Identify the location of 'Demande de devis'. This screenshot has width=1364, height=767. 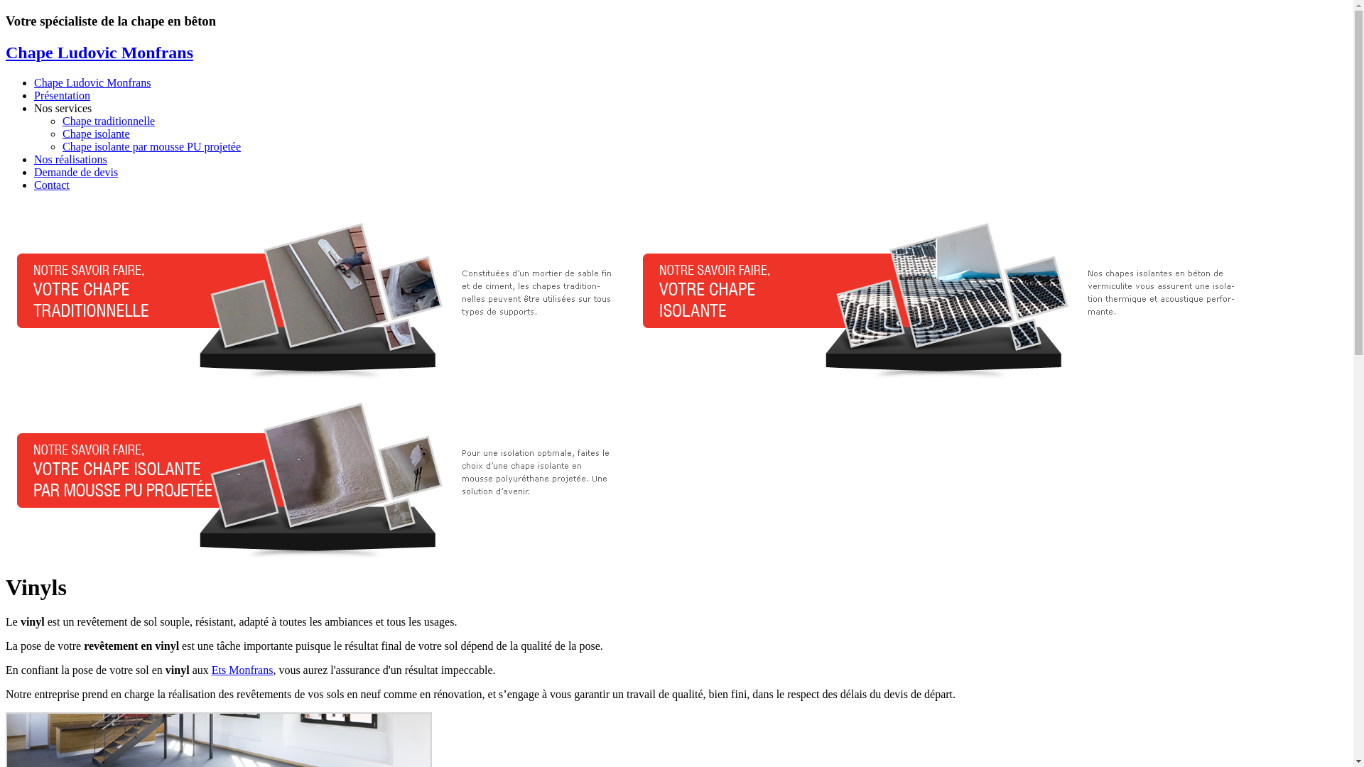
(34, 171).